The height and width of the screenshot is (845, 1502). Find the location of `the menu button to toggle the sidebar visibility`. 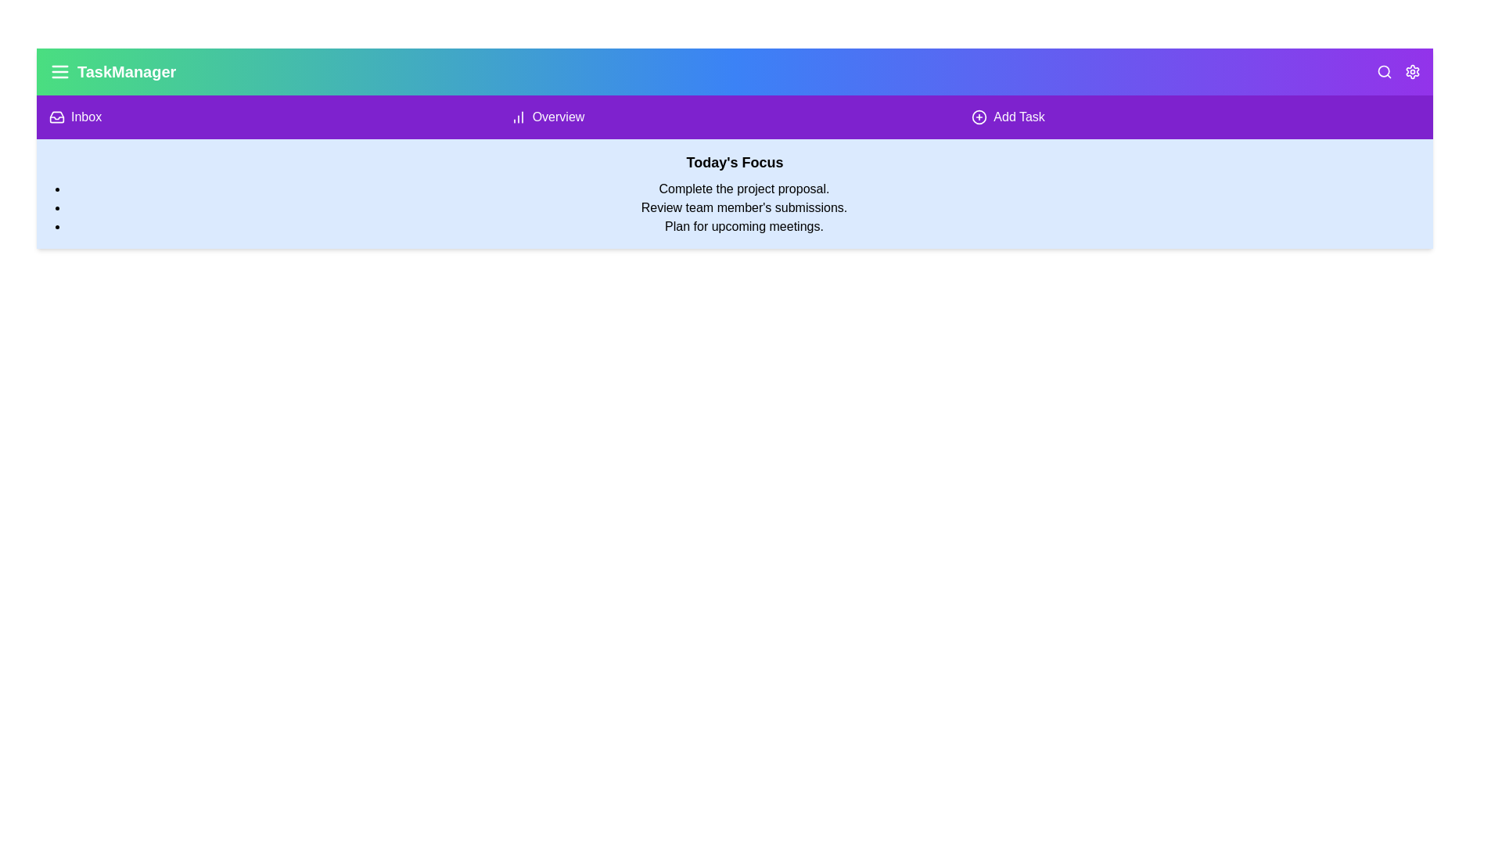

the menu button to toggle the sidebar visibility is located at coordinates (59, 72).